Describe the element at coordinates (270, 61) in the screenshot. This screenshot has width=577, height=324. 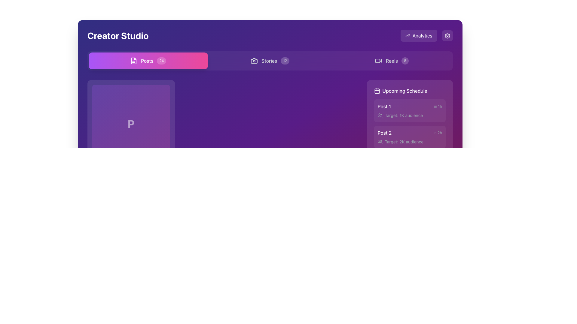
I see `the 'Stories 12' button on the navigation bar located below the 'Creator Studio' header` at that location.